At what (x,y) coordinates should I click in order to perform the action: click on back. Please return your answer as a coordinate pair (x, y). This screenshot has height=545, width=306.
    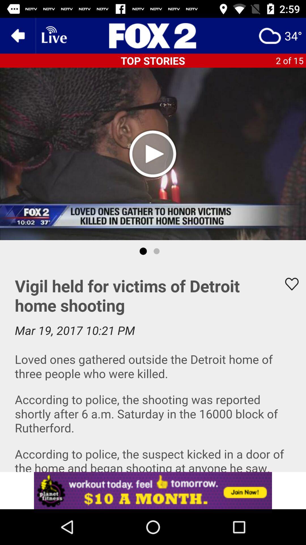
    Looking at the image, I should click on (17, 35).